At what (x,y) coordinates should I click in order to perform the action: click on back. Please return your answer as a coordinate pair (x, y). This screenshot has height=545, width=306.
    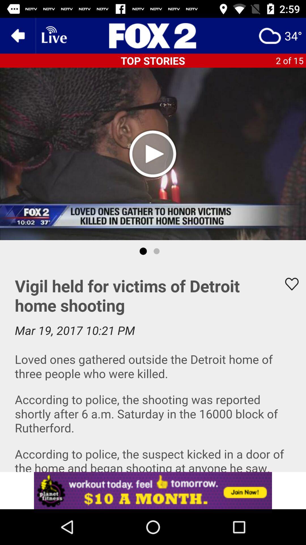
    Looking at the image, I should click on (17, 35).